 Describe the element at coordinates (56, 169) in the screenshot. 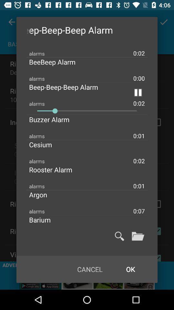

I see `icon below 0:02` at that location.